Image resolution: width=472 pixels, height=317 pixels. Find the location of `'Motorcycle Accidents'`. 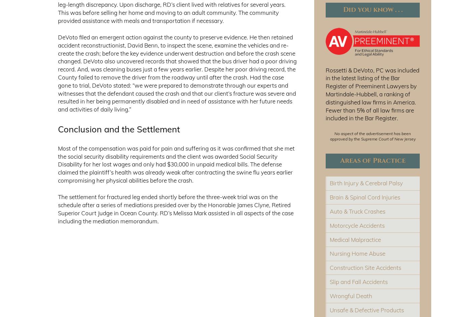

'Motorcycle Accidents' is located at coordinates (357, 225).